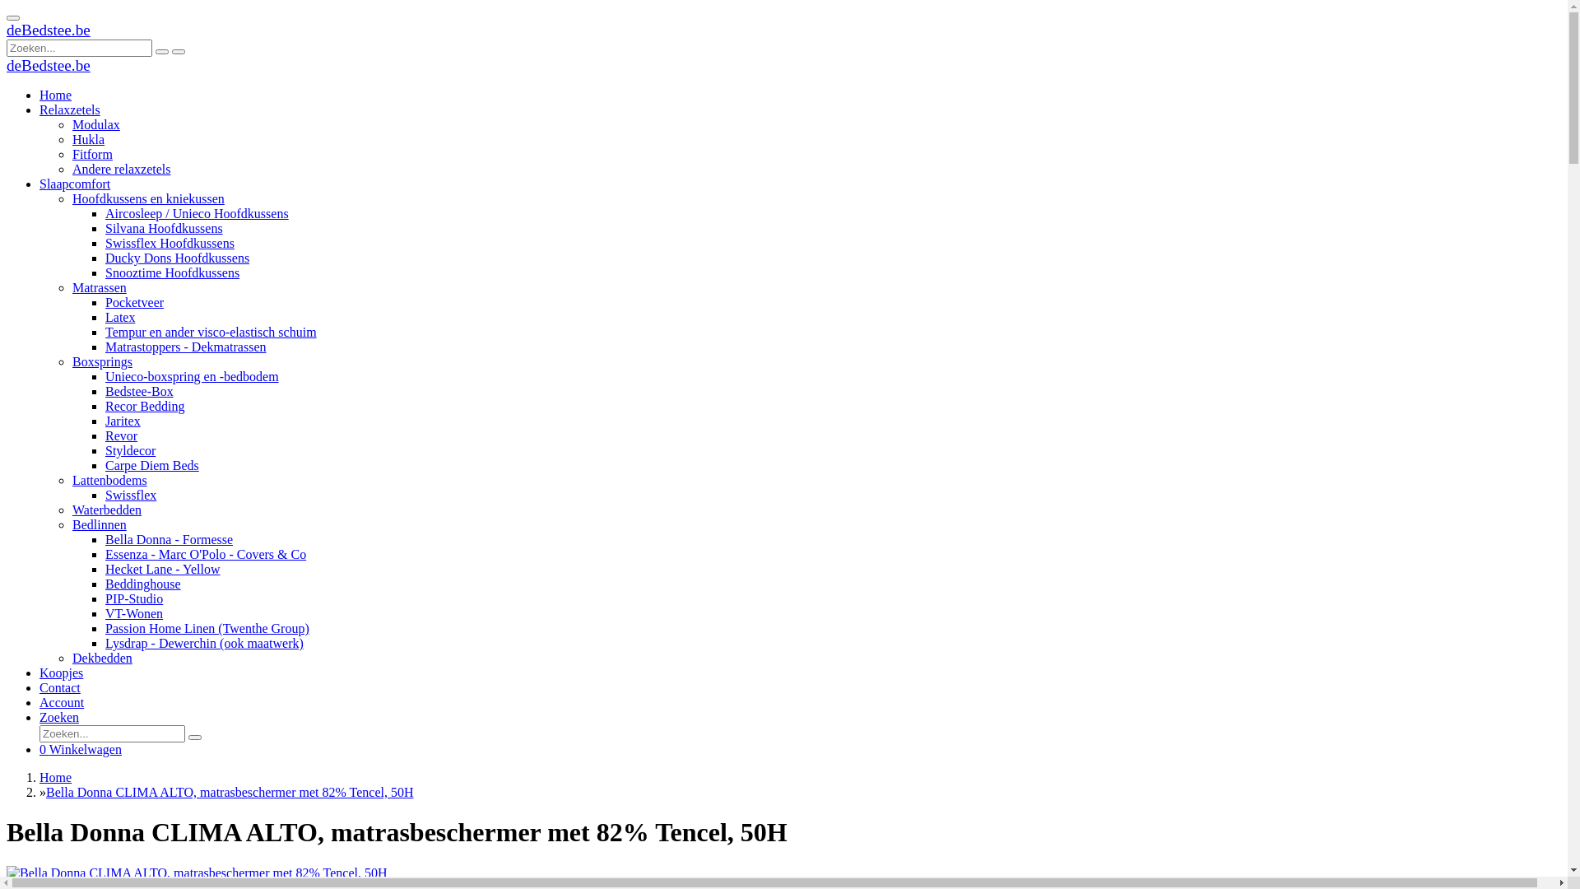 Image resolution: width=1580 pixels, height=889 pixels. What do you see at coordinates (162, 568) in the screenshot?
I see `'Hecket Lane - Yellow'` at bounding box center [162, 568].